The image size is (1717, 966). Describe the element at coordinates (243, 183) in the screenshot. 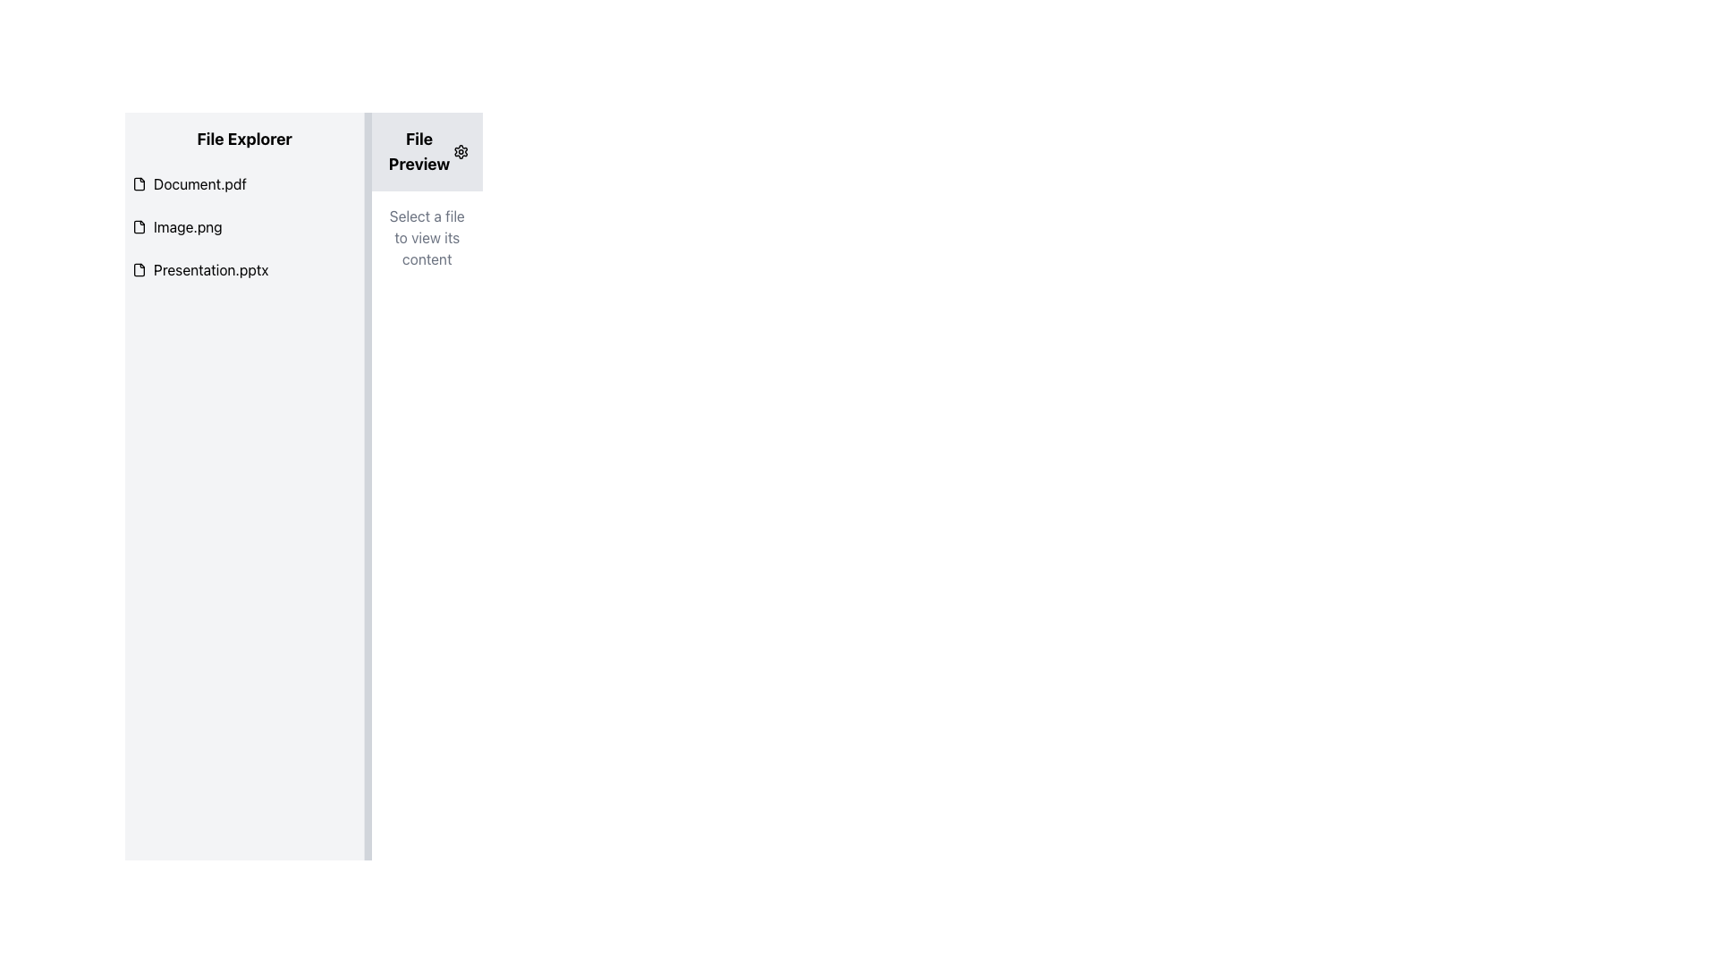

I see `on the first list item in the 'File Explorer' panel, which represents the file named 'Document.pdf'` at that location.